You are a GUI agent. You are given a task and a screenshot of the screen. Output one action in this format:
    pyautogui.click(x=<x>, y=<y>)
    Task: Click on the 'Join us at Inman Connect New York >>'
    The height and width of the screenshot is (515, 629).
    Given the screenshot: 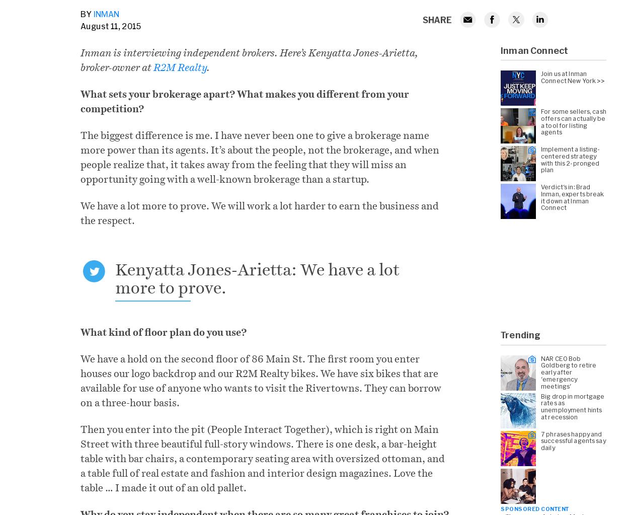 What is the action you would take?
    pyautogui.click(x=573, y=76)
    